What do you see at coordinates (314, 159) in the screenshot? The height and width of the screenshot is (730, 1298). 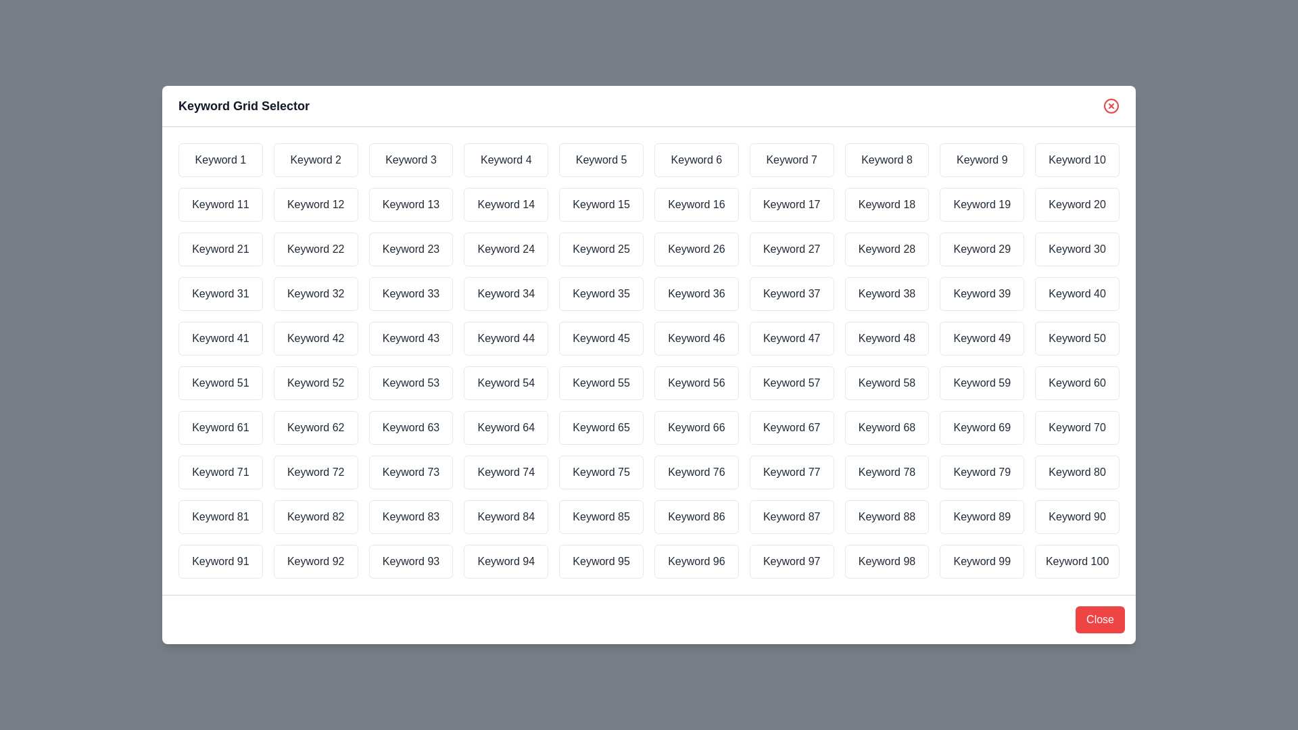 I see `the keyword Keyword 2 to observe its highlighting effect` at bounding box center [314, 159].